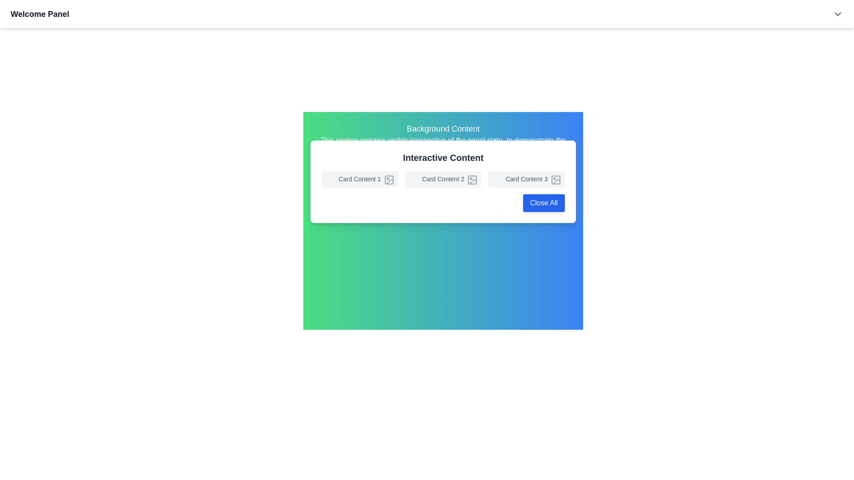 This screenshot has width=854, height=480. What do you see at coordinates (443, 179) in the screenshot?
I see `the text label reading 'Card Content 2', which is styled with a small font size and gray color, located centrally within the second card in a row of three cards` at bounding box center [443, 179].